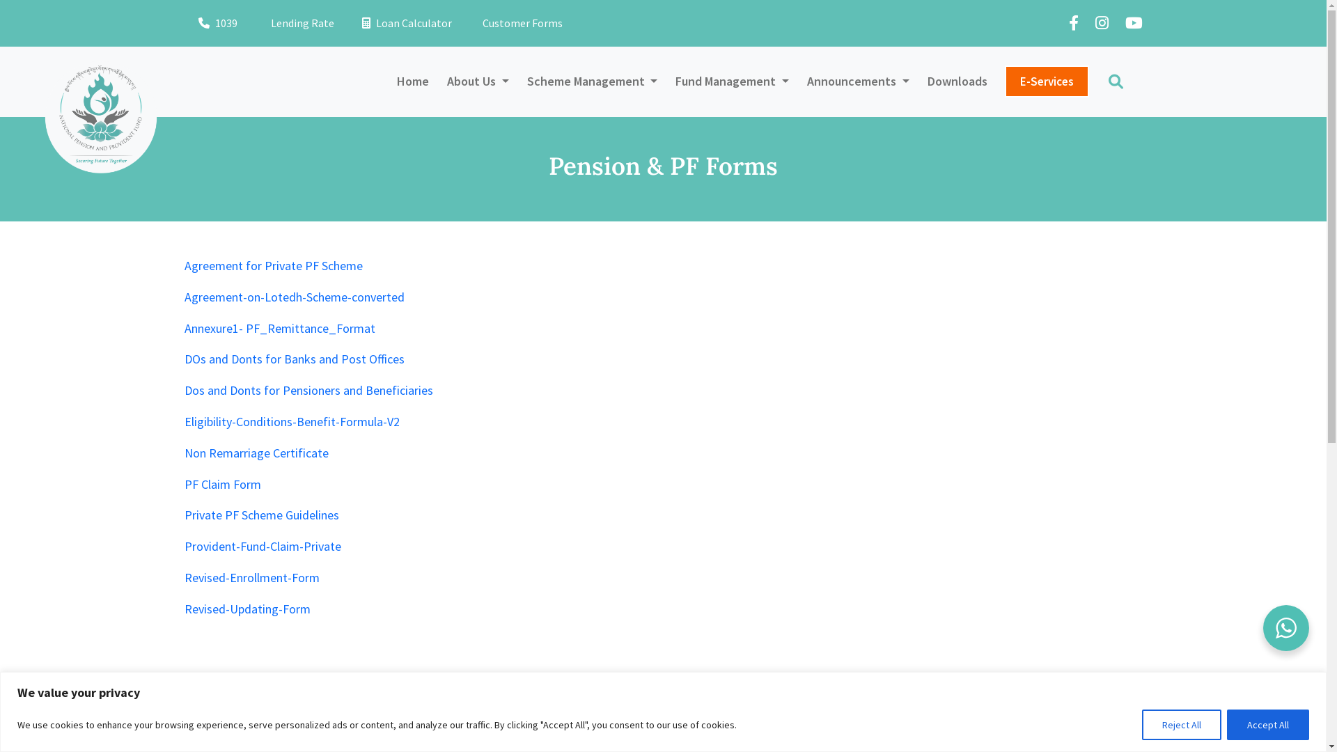 This screenshot has width=1337, height=752. Describe the element at coordinates (183, 515) in the screenshot. I see `'Private PF Scheme Guidelines'` at that location.